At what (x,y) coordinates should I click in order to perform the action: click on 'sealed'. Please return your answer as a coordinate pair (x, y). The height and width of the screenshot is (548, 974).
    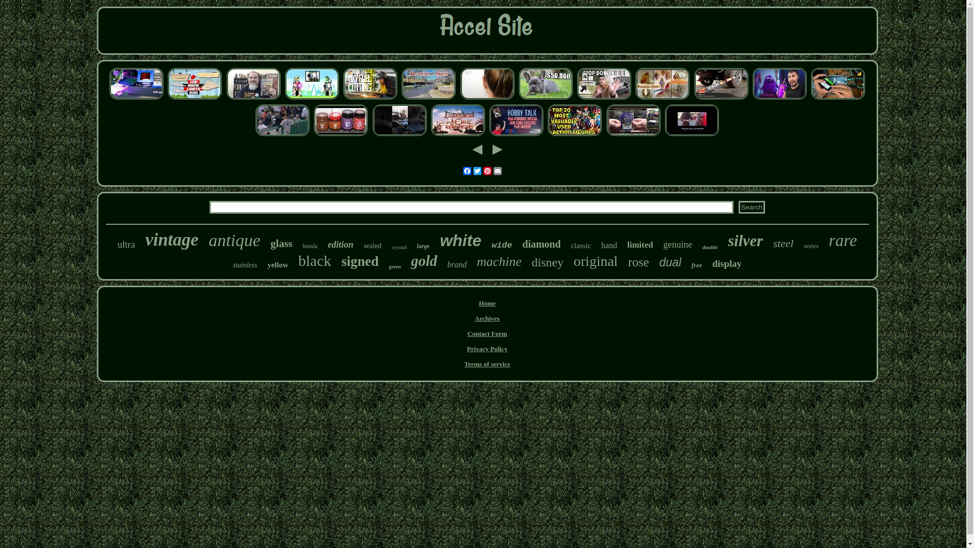
    Looking at the image, I should click on (372, 246).